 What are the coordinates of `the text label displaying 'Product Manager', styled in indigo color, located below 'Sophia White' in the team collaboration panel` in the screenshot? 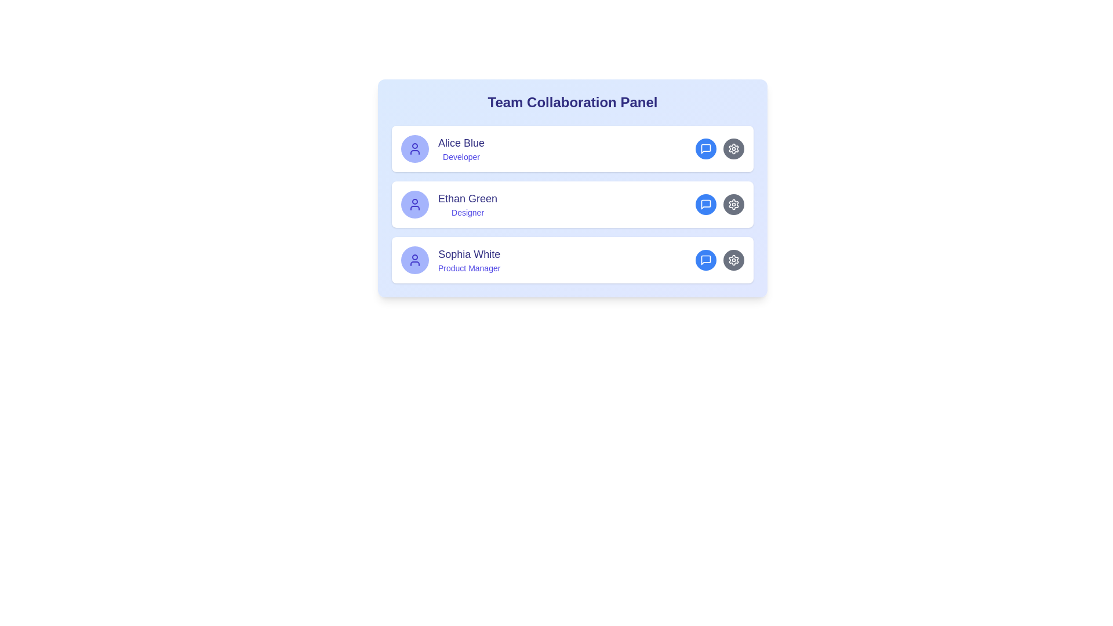 It's located at (469, 268).